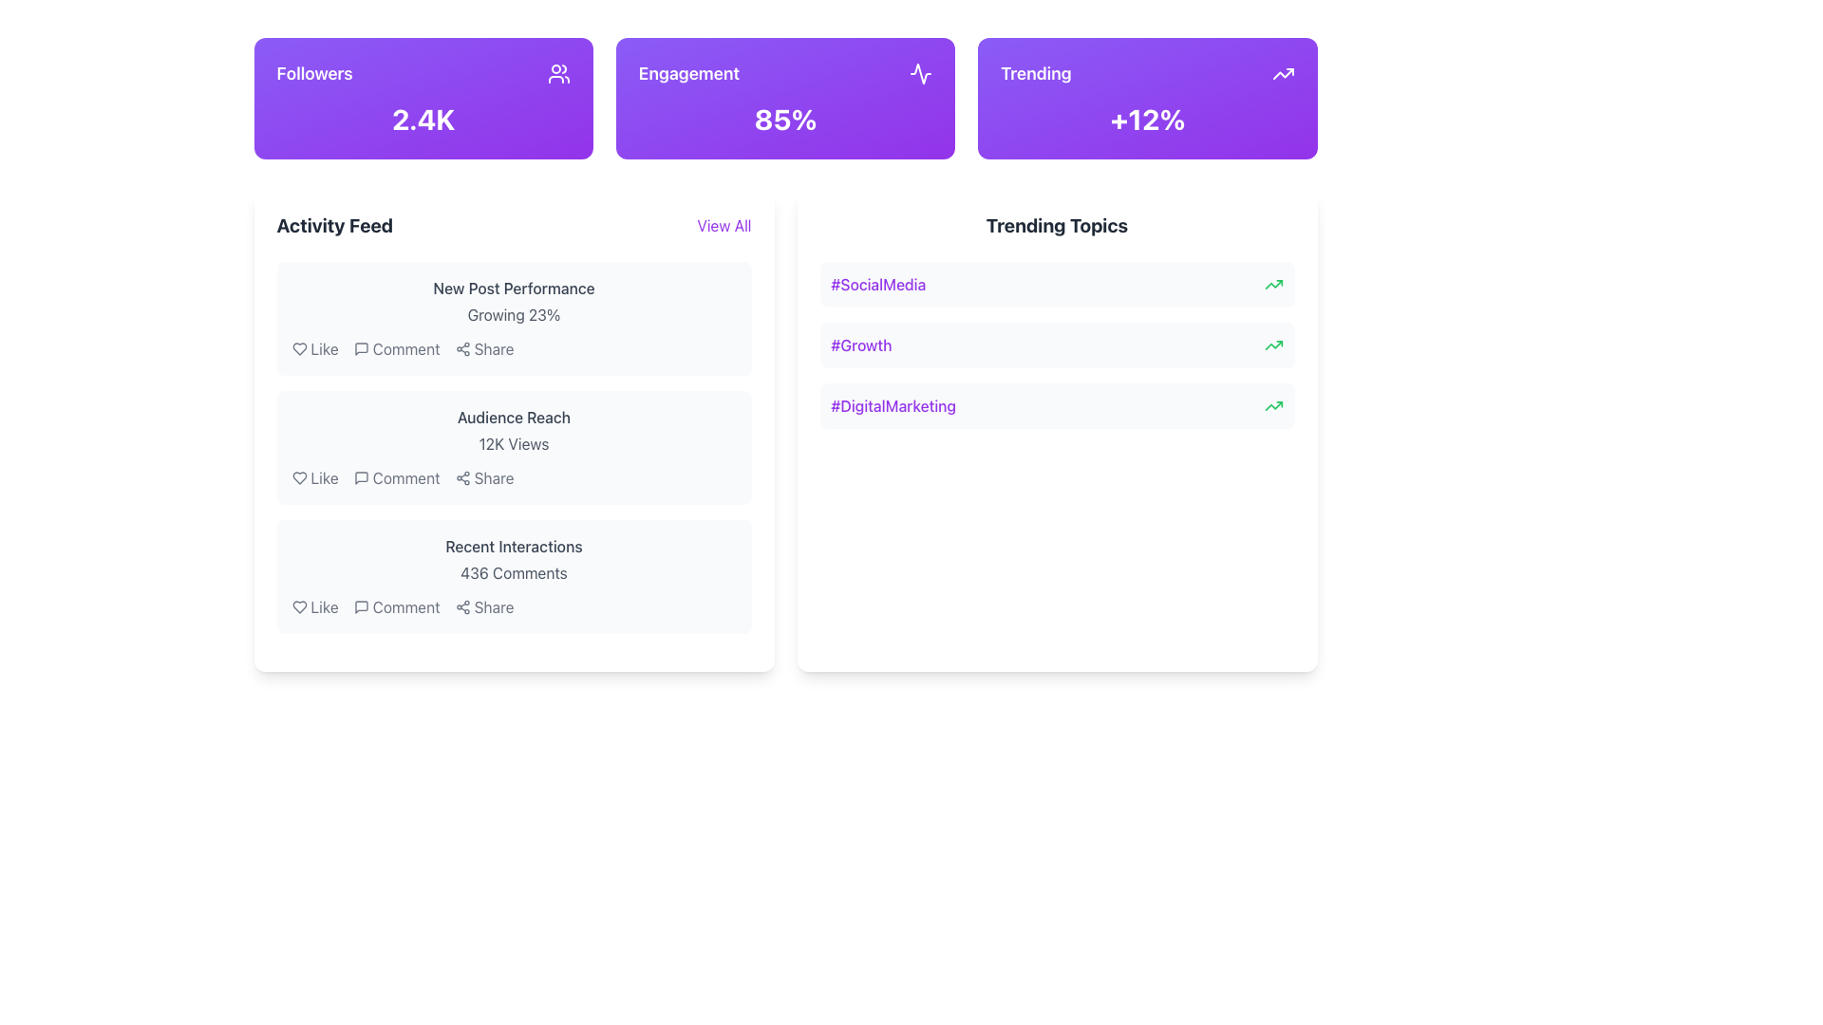 This screenshot has width=1823, height=1025. I want to click on the 'Like' text label/button located in the 'Activity Feed' section, adjacent to the heart-shaped icon, which is the first interactive option in the group that includes 'Comment' and 'Share', so click(325, 348).